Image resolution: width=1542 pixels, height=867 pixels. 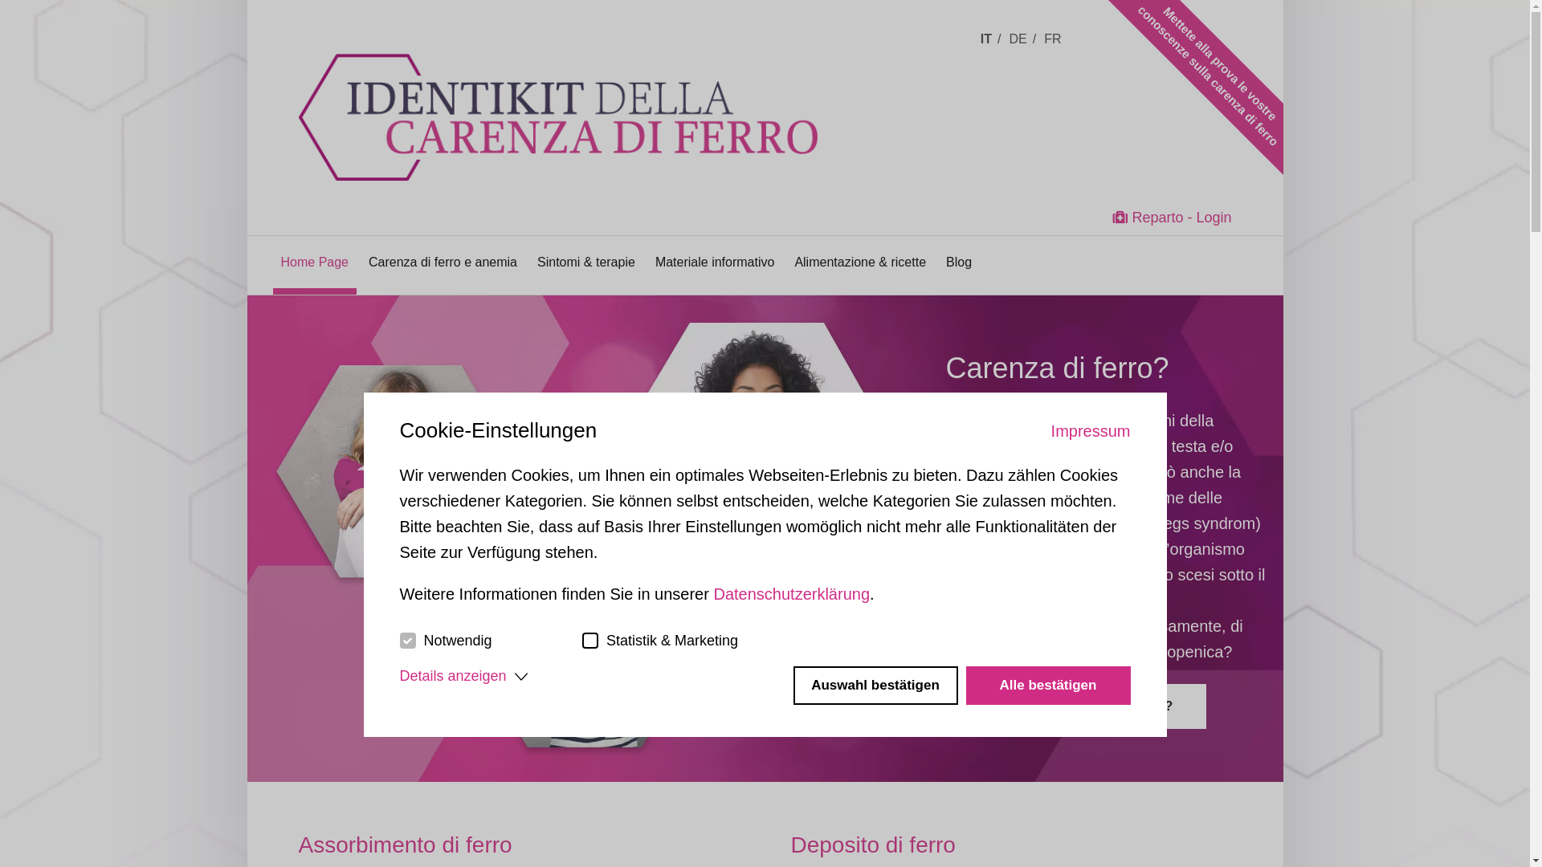 What do you see at coordinates (443, 261) in the screenshot?
I see `'Carenza di ferro e anemia'` at bounding box center [443, 261].